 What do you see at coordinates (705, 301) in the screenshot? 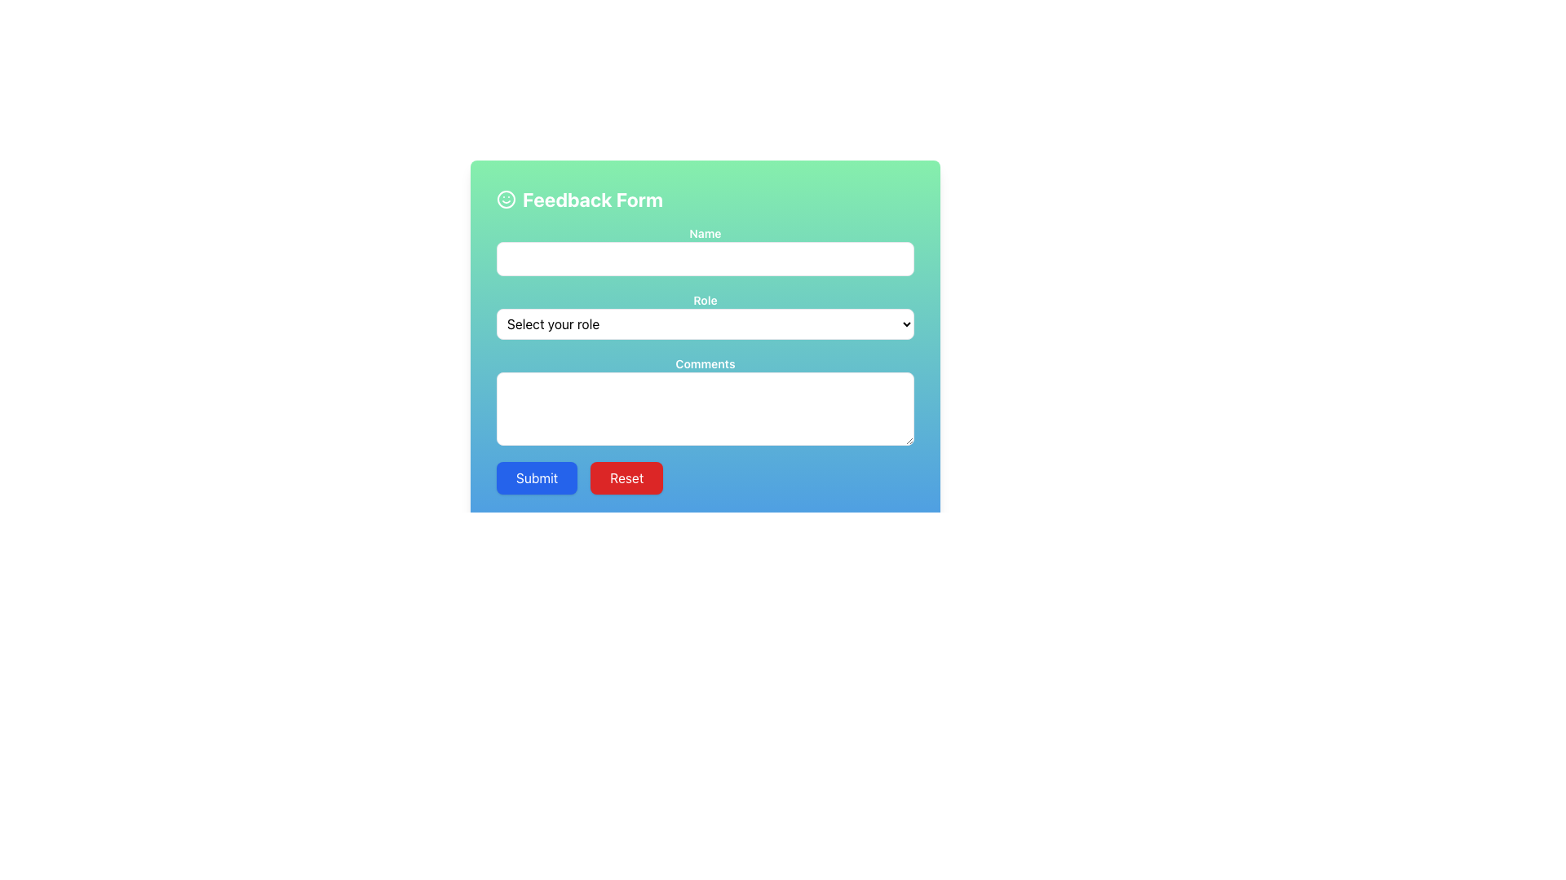
I see `the text label displaying 'Role' in white, which is bold and positioned on a green background above the dropdown labeled 'Select your role'` at bounding box center [705, 301].